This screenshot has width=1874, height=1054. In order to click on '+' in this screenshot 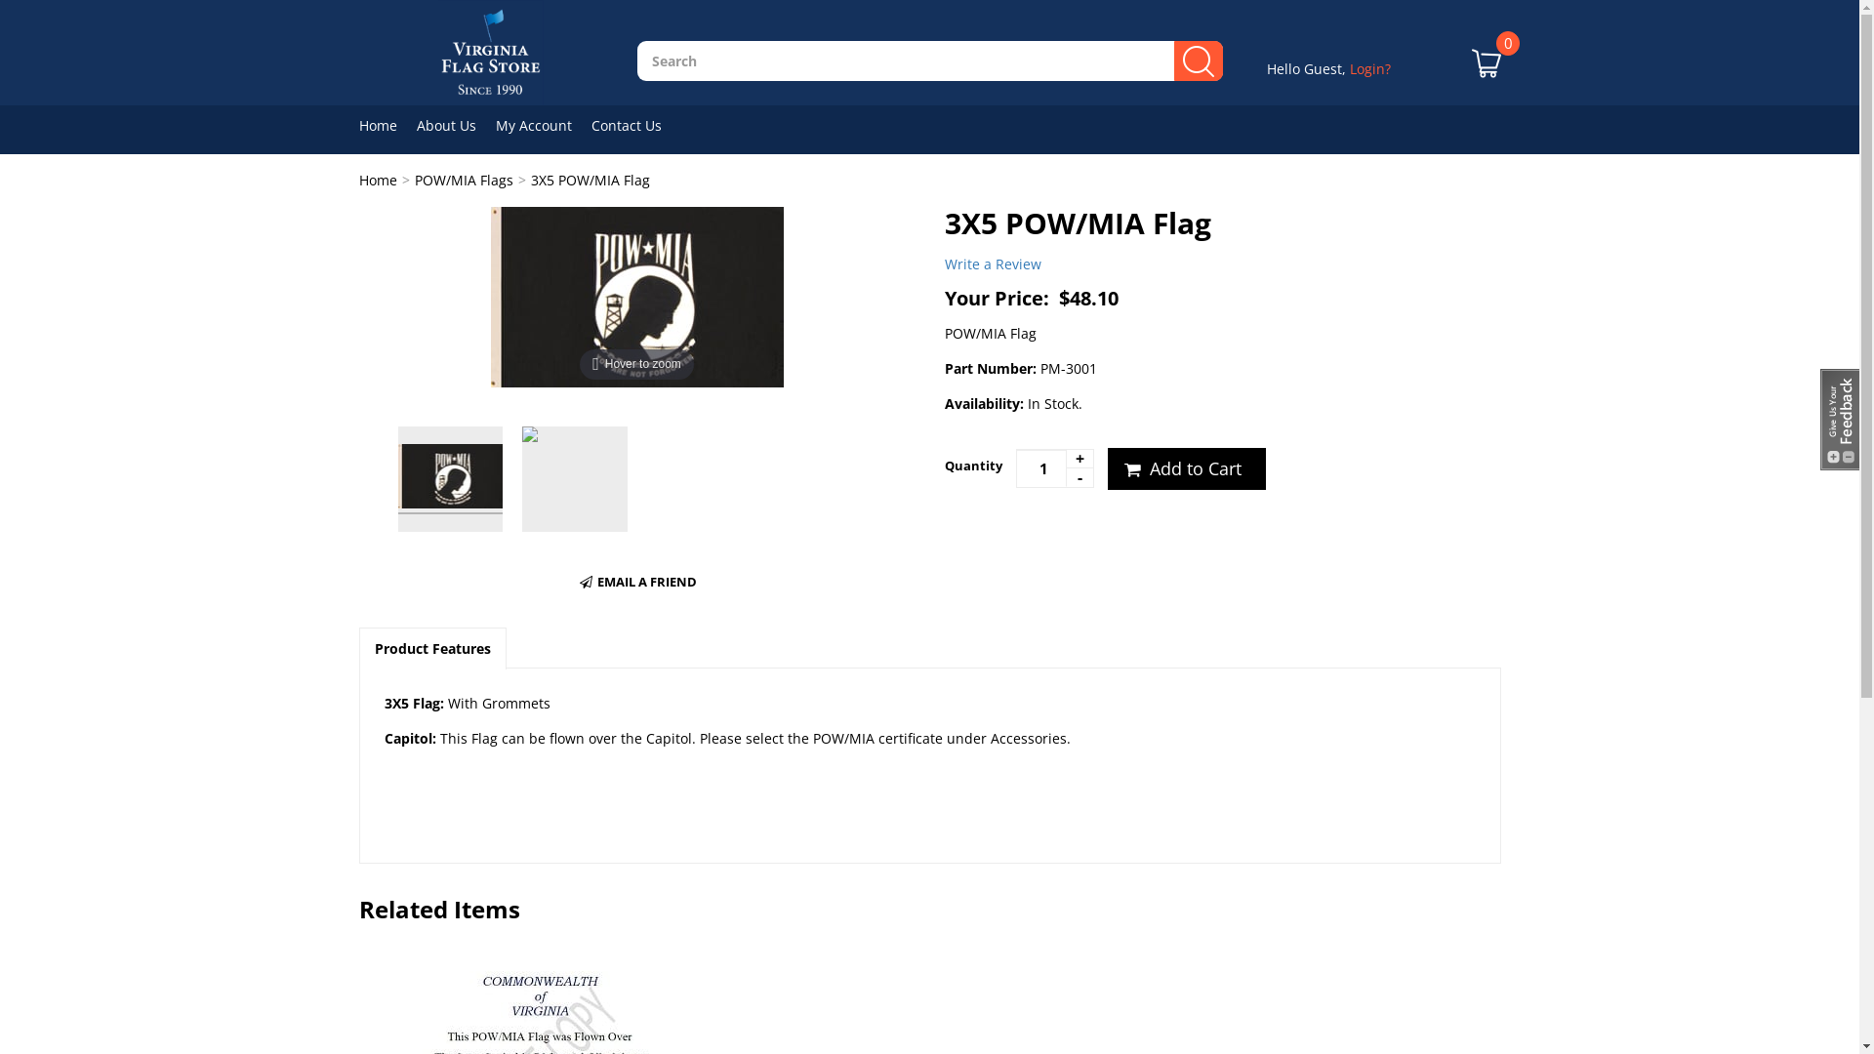, I will do `click(1078, 459)`.